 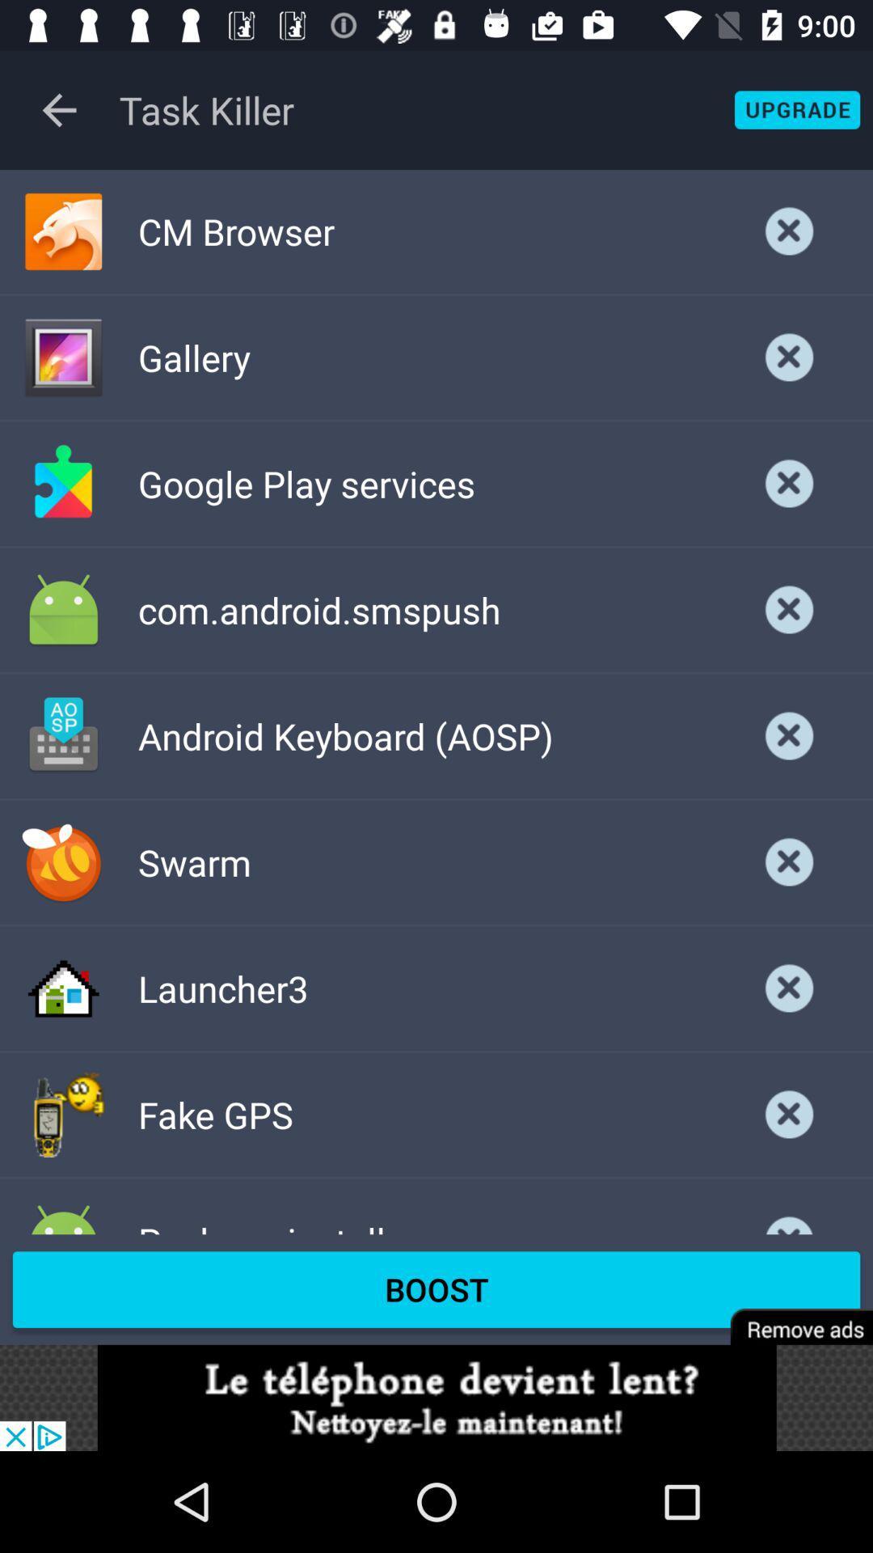 What do you see at coordinates (789, 1212) in the screenshot?
I see `a task` at bounding box center [789, 1212].